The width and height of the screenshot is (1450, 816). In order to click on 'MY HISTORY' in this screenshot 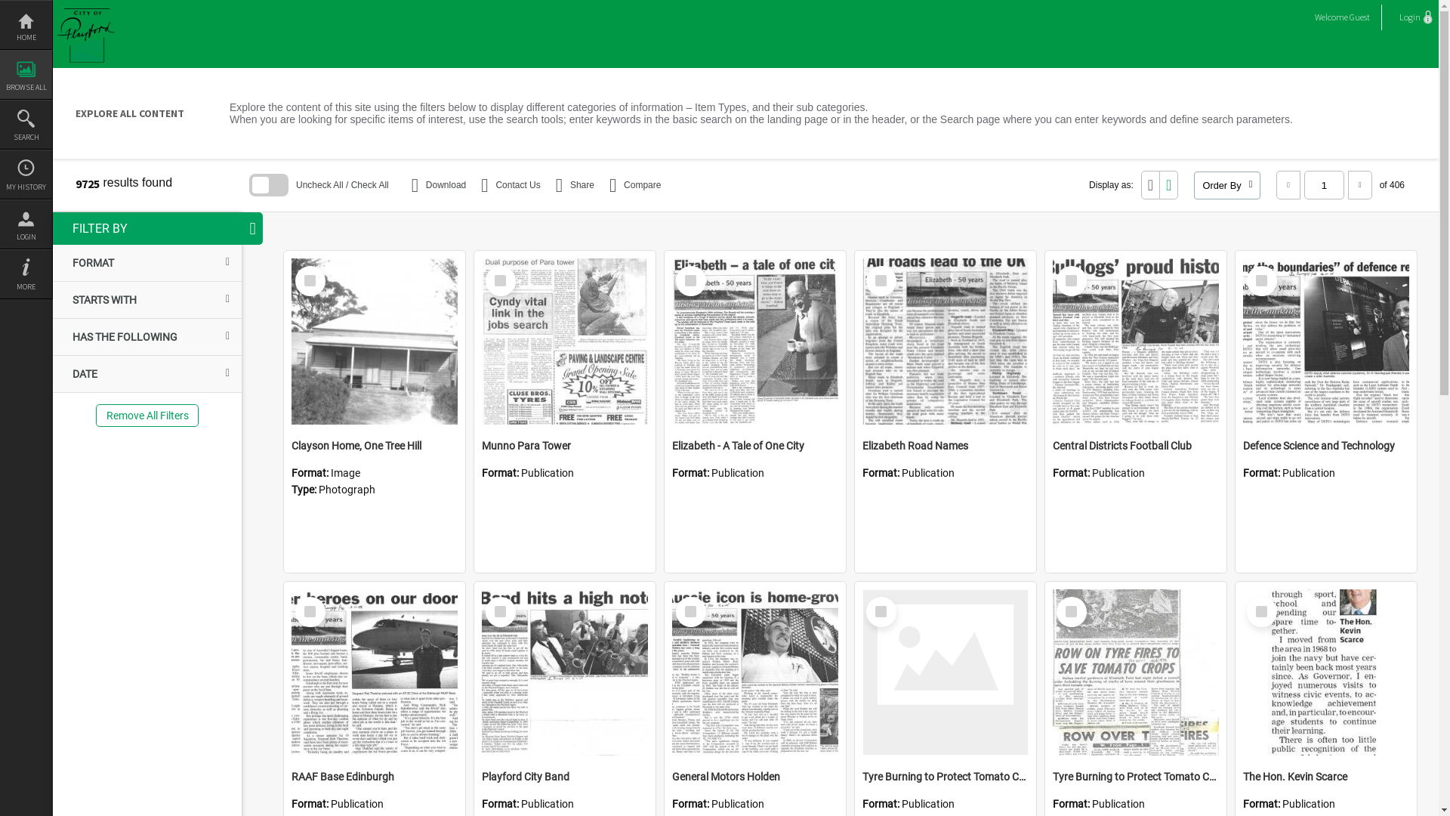, I will do `click(26, 174)`.